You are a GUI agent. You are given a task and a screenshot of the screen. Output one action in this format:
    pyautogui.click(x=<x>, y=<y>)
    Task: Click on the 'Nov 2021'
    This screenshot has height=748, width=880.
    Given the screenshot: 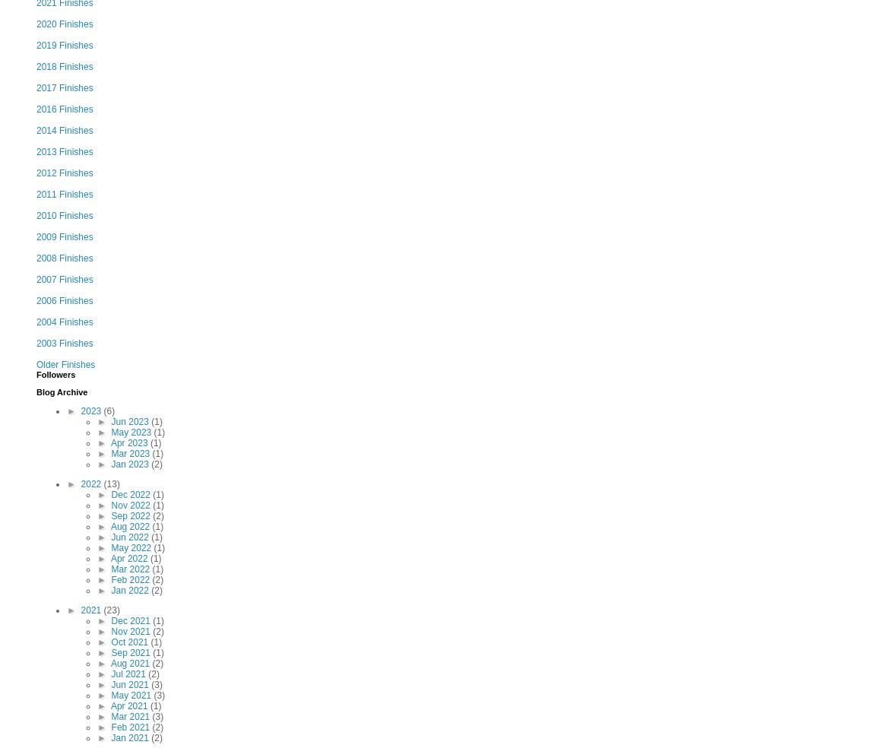 What is the action you would take?
    pyautogui.click(x=131, y=630)
    